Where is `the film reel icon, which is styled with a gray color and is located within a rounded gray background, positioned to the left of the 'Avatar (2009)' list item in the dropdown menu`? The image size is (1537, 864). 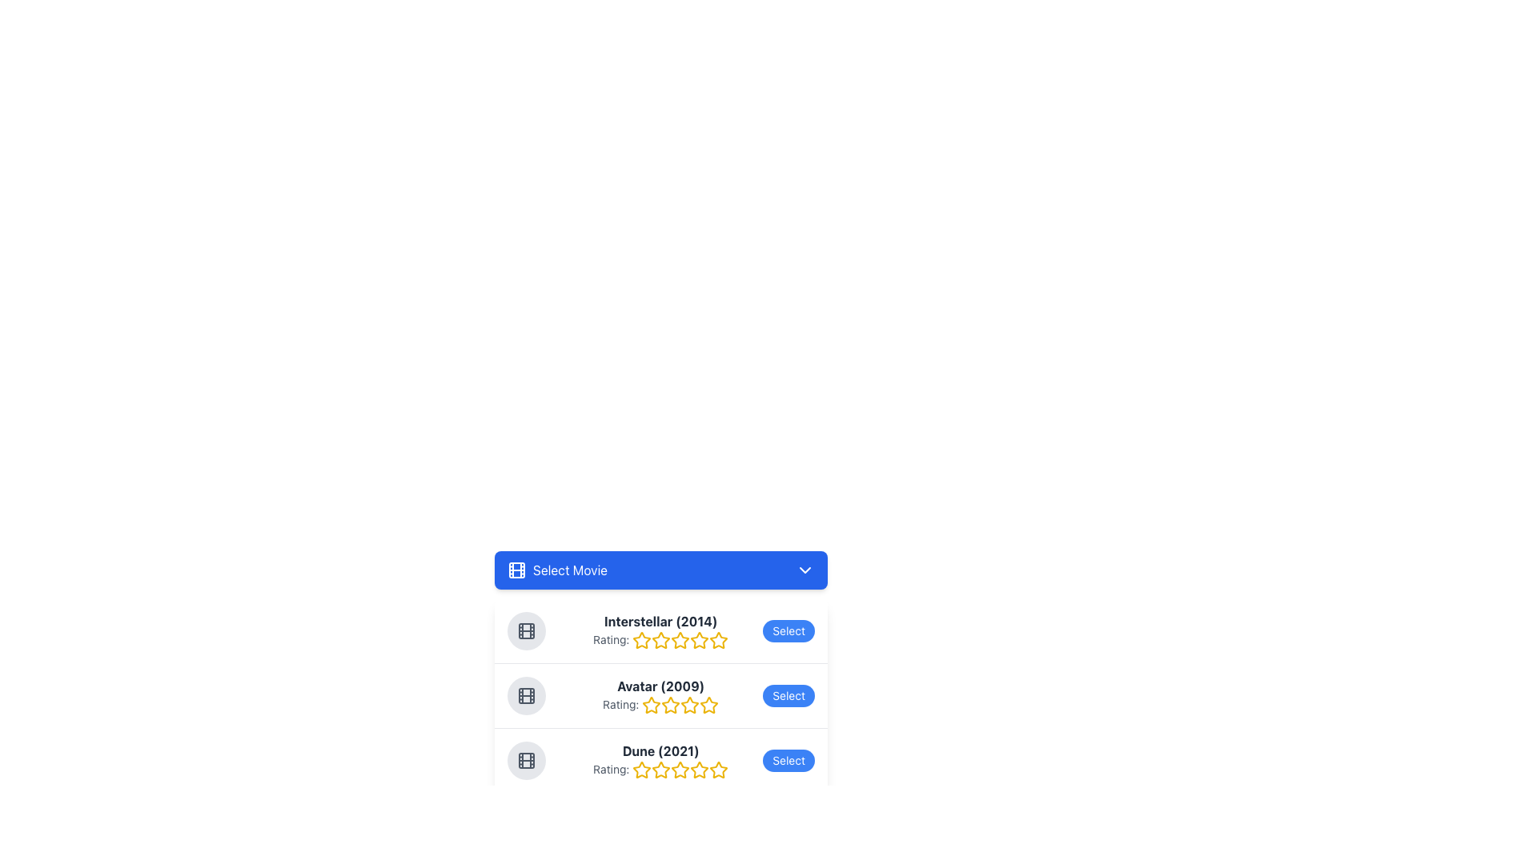 the film reel icon, which is styled with a gray color and is located within a rounded gray background, positioned to the left of the 'Avatar (2009)' list item in the dropdown menu is located at coordinates (526, 695).